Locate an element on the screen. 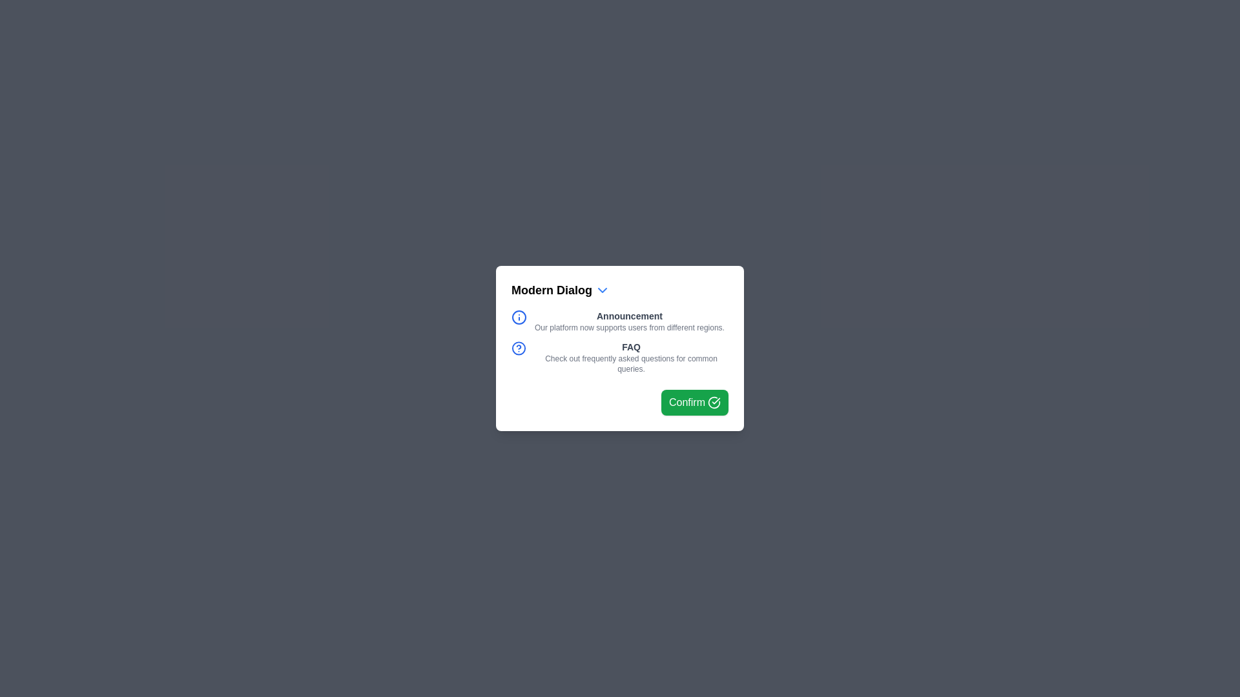 The width and height of the screenshot is (1240, 697). the header dropdown icon to interact with it is located at coordinates (601, 290).